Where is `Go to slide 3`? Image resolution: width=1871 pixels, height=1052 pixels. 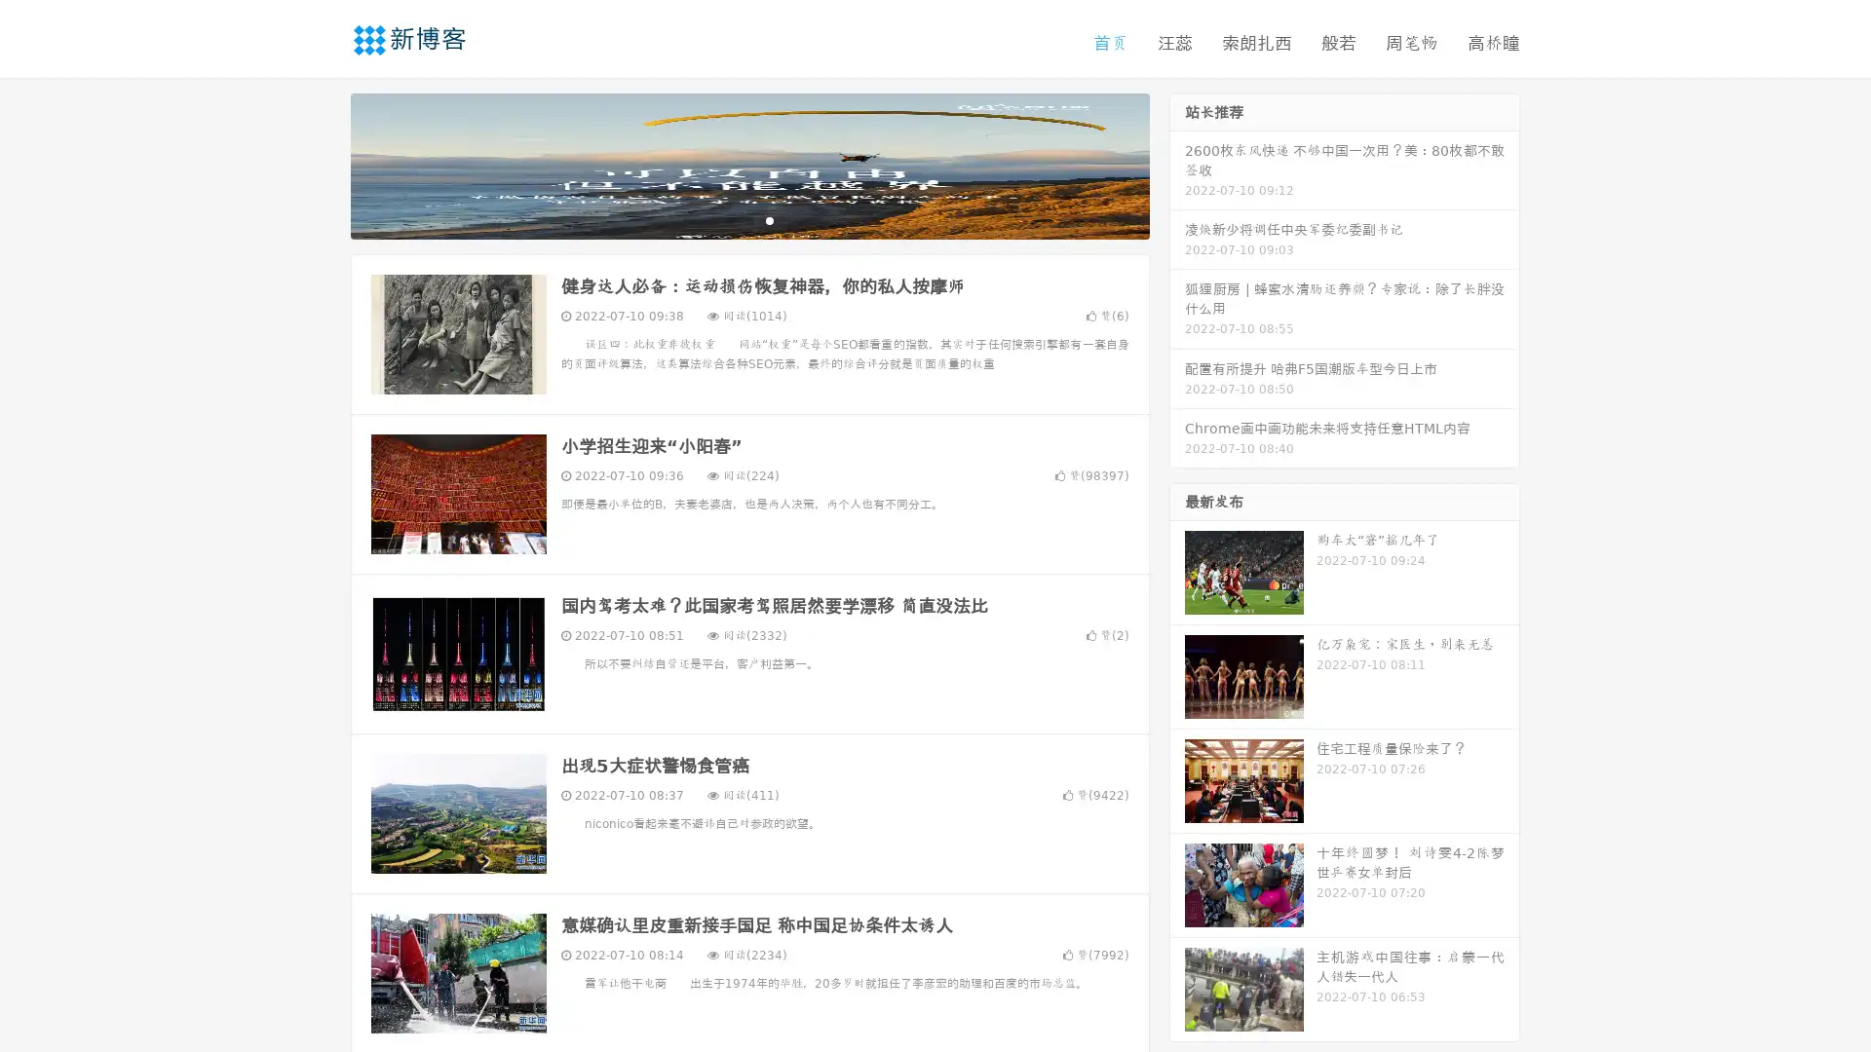 Go to slide 3 is located at coordinates (769, 219).